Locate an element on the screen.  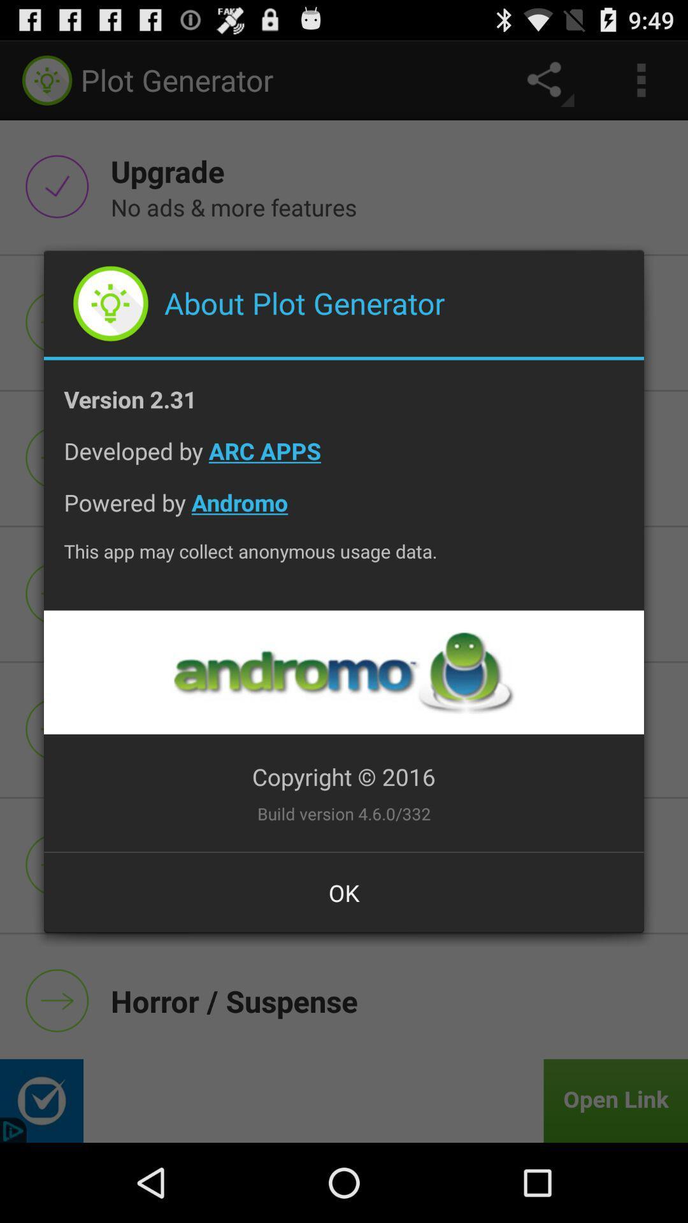
the icon below the developed by arc item is located at coordinates (344, 512).